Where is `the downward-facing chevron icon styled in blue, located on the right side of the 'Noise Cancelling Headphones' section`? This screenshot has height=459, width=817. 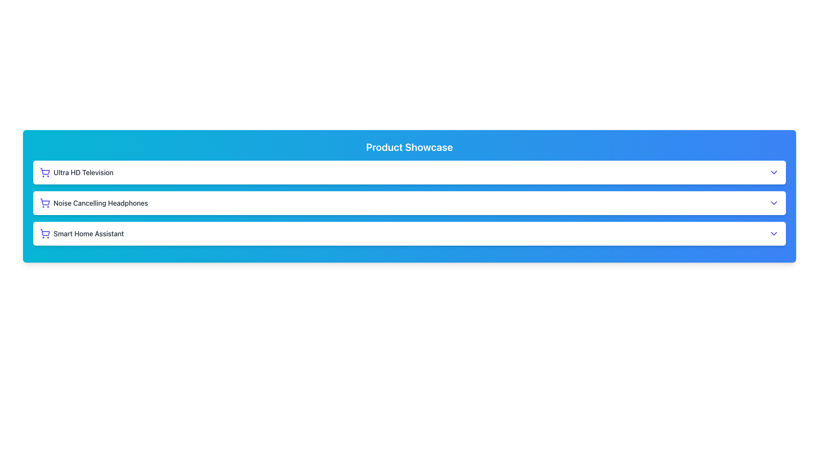
the downward-facing chevron icon styled in blue, located on the right side of the 'Noise Cancelling Headphones' section is located at coordinates (774, 203).